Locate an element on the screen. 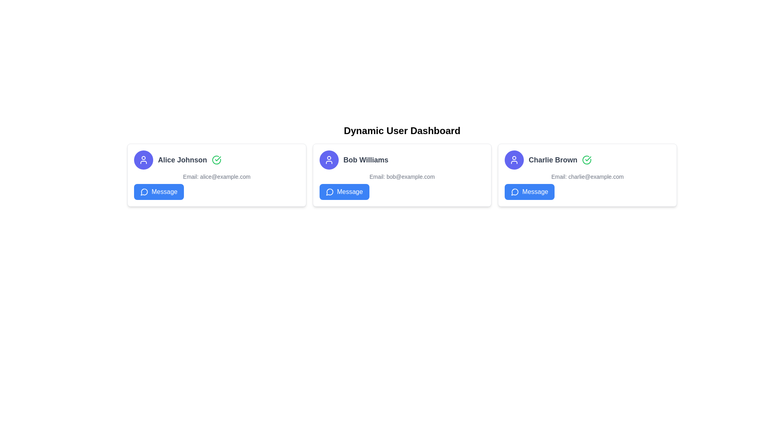  the email address text label located below 'Alice Johnson' and above the 'Message' button in the leftmost user profile card is located at coordinates (217, 176).